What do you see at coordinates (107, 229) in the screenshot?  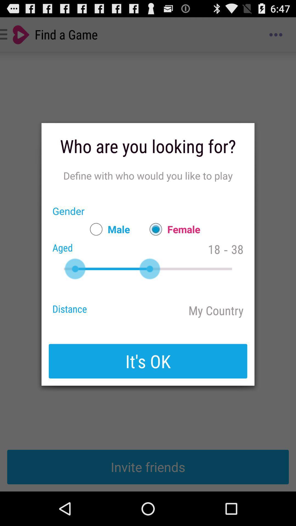 I see `item to the right of gender icon` at bounding box center [107, 229].